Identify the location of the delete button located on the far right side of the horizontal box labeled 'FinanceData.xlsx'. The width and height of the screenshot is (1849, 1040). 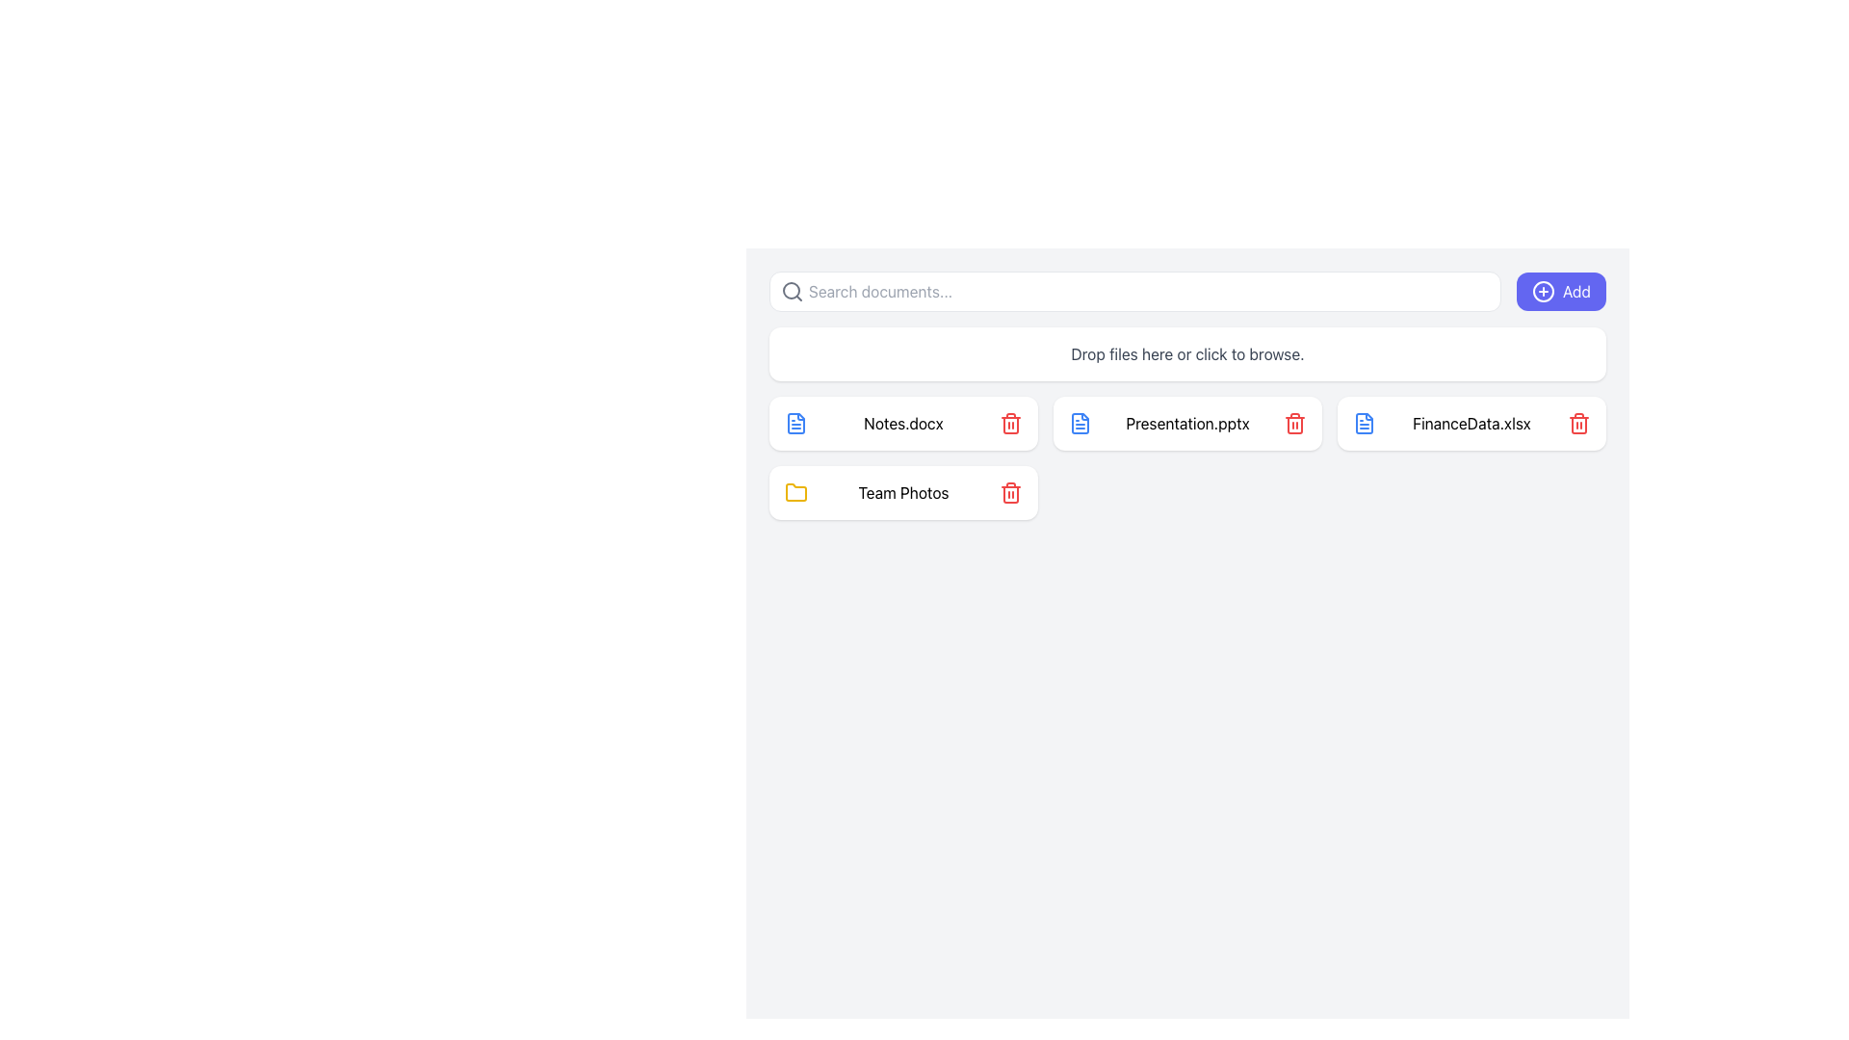
(1579, 422).